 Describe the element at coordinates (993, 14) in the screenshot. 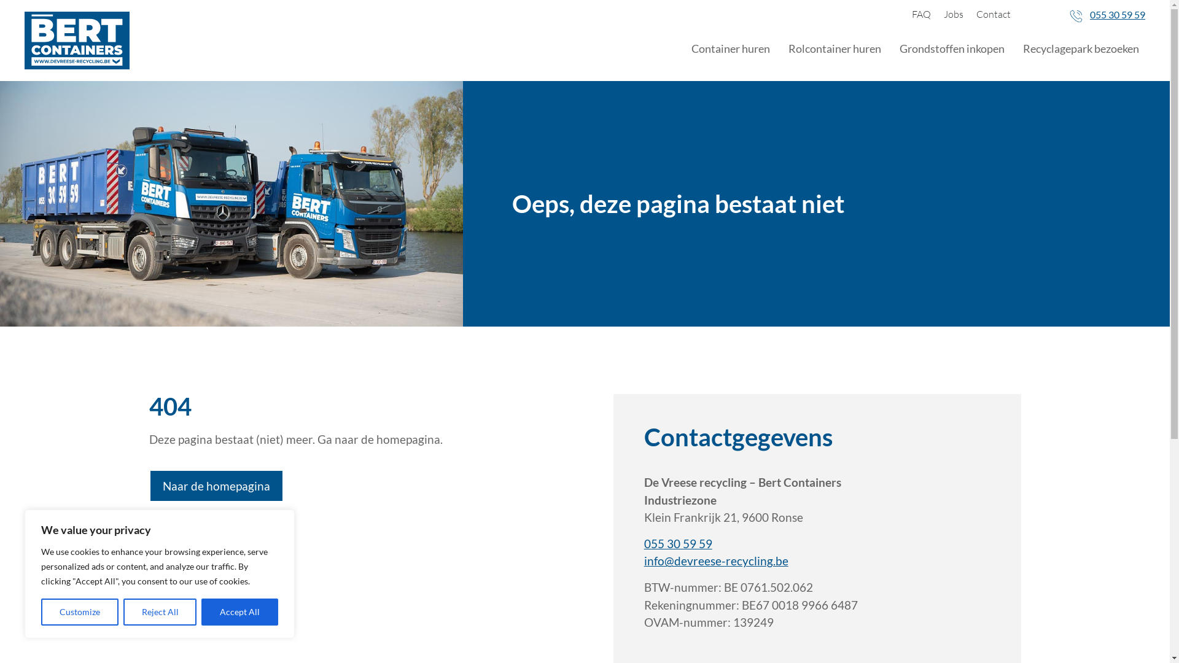

I see `'Contact'` at that location.